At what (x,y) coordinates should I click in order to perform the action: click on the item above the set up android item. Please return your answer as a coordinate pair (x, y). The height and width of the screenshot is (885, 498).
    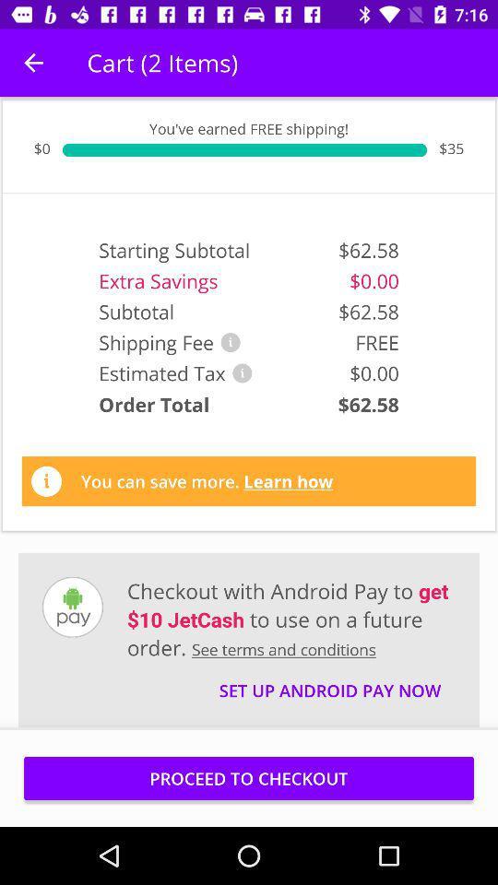
    Looking at the image, I should click on (290, 619).